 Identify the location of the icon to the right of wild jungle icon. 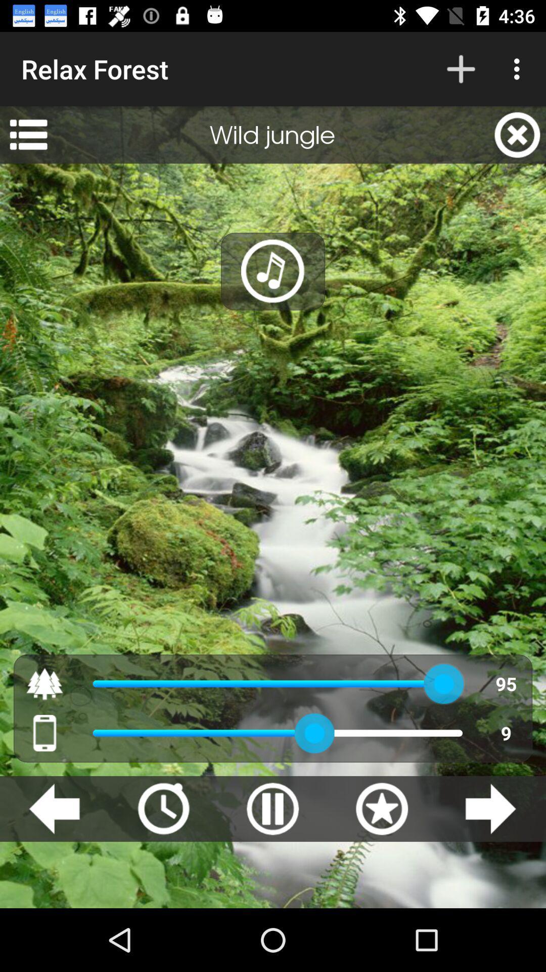
(517, 134).